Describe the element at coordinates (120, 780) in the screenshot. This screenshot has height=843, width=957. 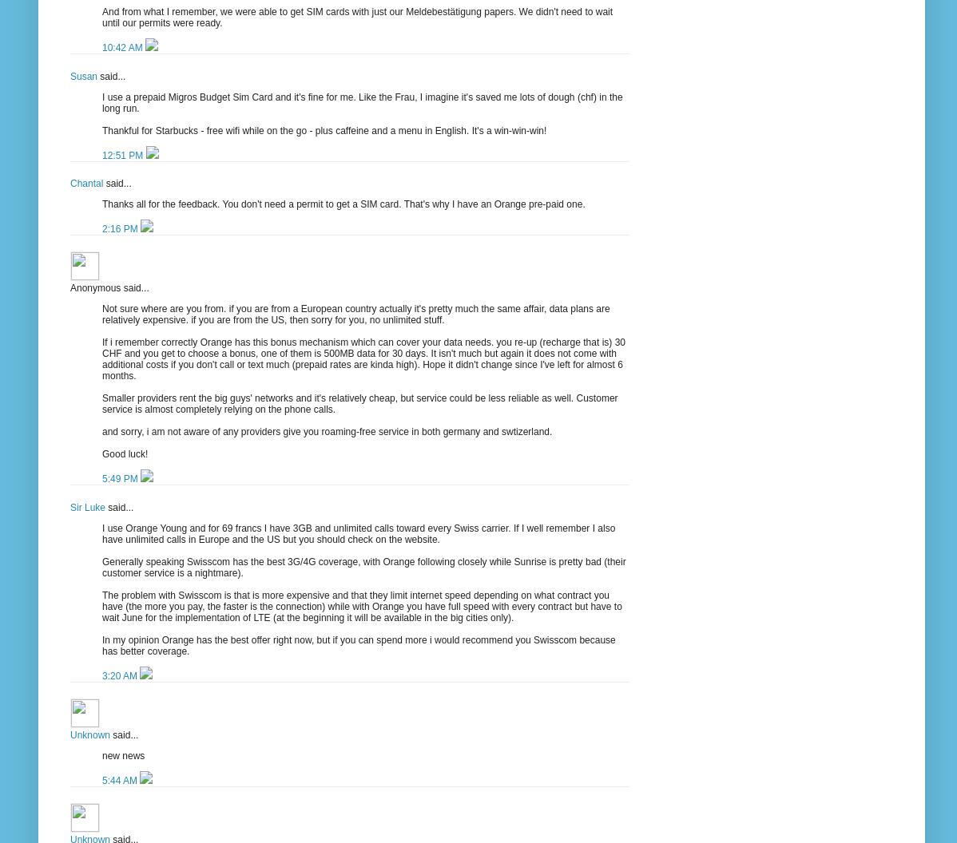
I see `'5:44 AM'` at that location.